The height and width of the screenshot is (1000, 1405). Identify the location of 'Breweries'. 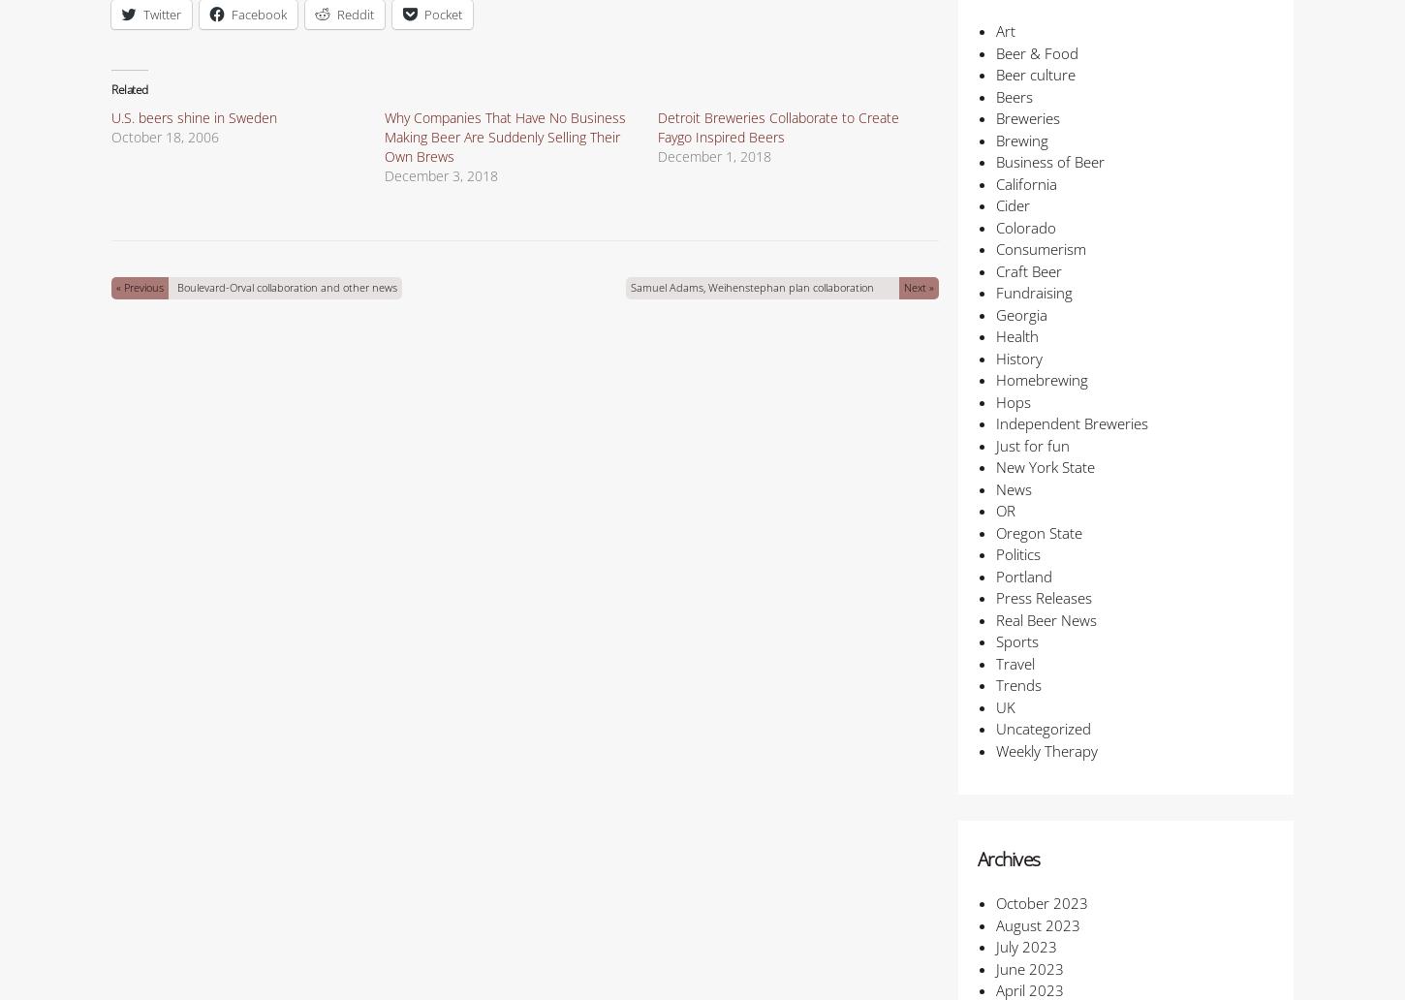
(1026, 117).